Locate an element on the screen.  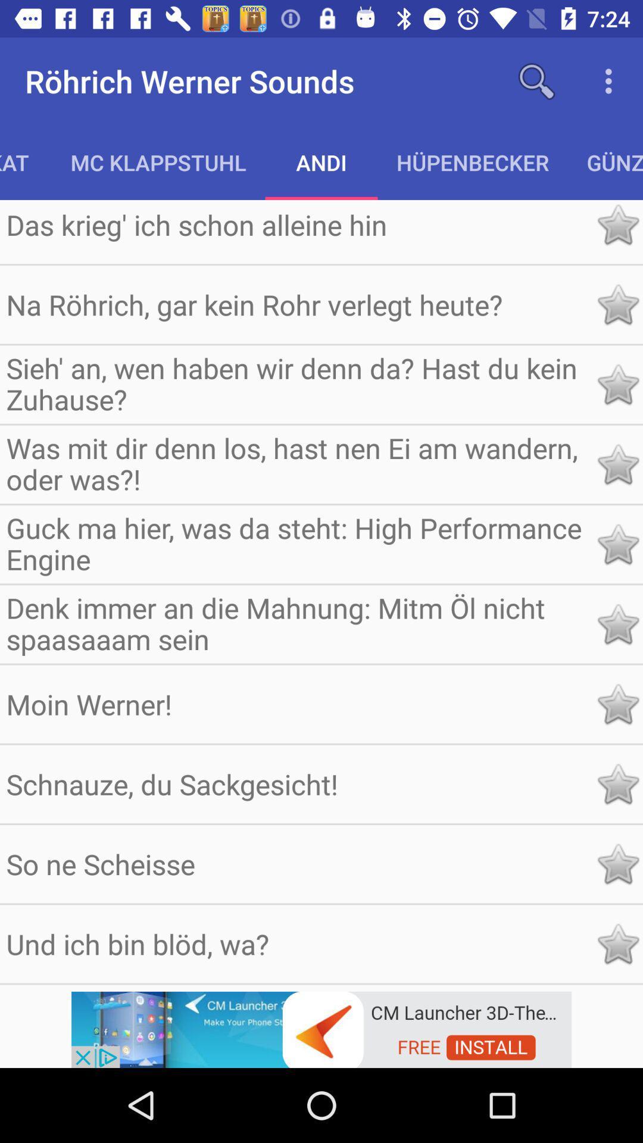
this item is located at coordinates (617, 784).